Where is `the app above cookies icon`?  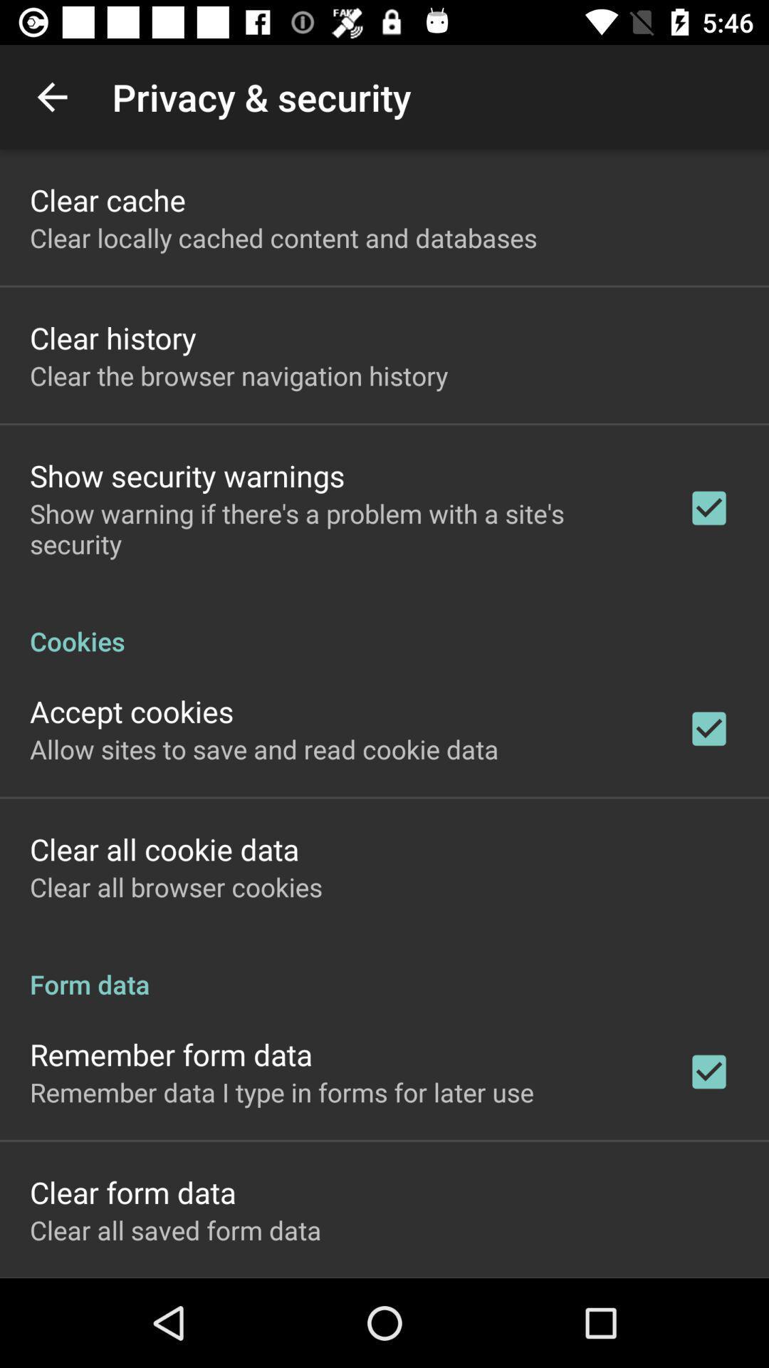
the app above cookies icon is located at coordinates (340, 528).